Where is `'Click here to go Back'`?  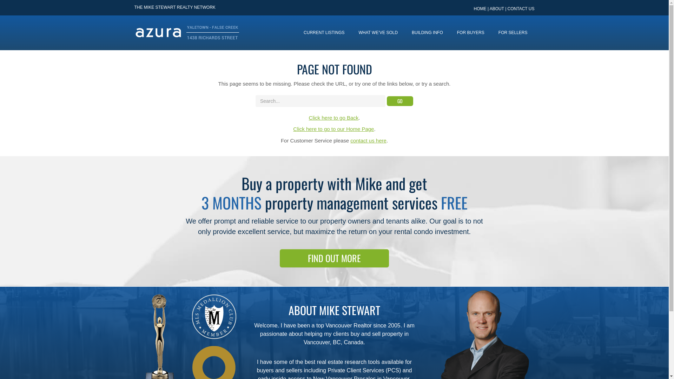
'Click here to go Back' is located at coordinates (309, 117).